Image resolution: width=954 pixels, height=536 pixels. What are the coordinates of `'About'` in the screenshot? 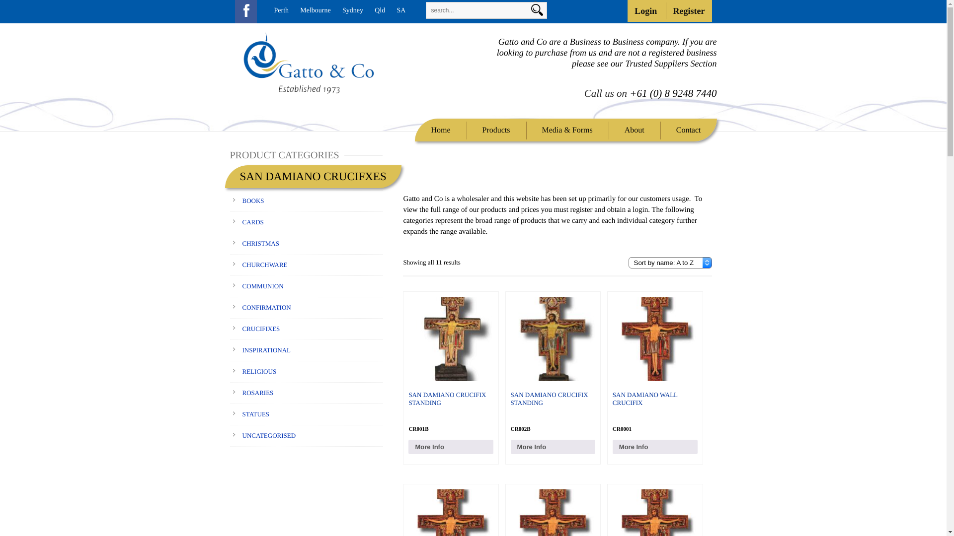 It's located at (634, 130).